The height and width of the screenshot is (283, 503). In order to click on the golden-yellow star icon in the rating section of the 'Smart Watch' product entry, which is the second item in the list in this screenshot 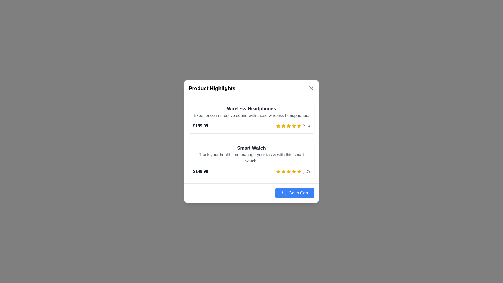, I will do `click(283, 171)`.